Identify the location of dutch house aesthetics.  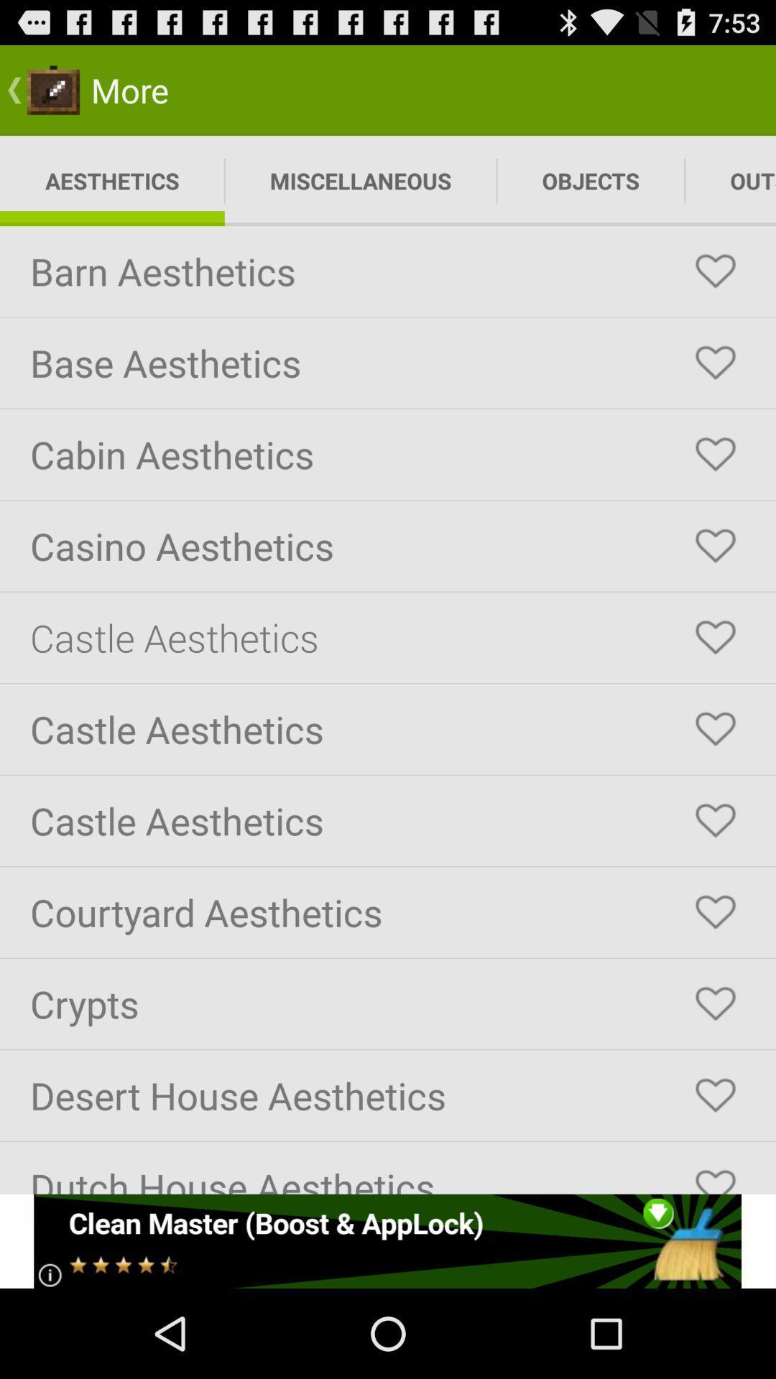
(715, 1175).